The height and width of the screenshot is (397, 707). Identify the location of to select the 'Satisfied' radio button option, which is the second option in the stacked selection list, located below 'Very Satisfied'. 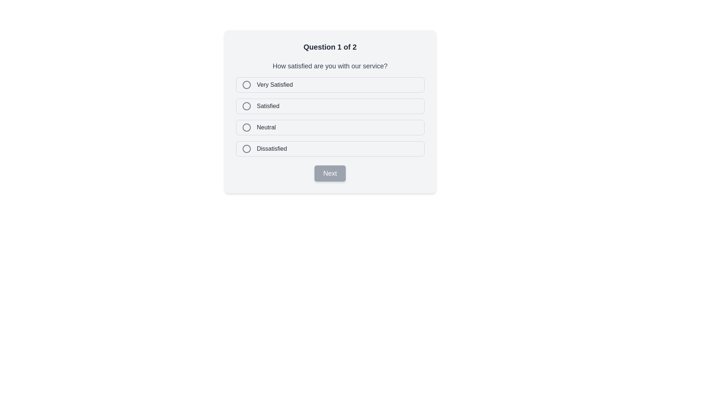
(330, 106).